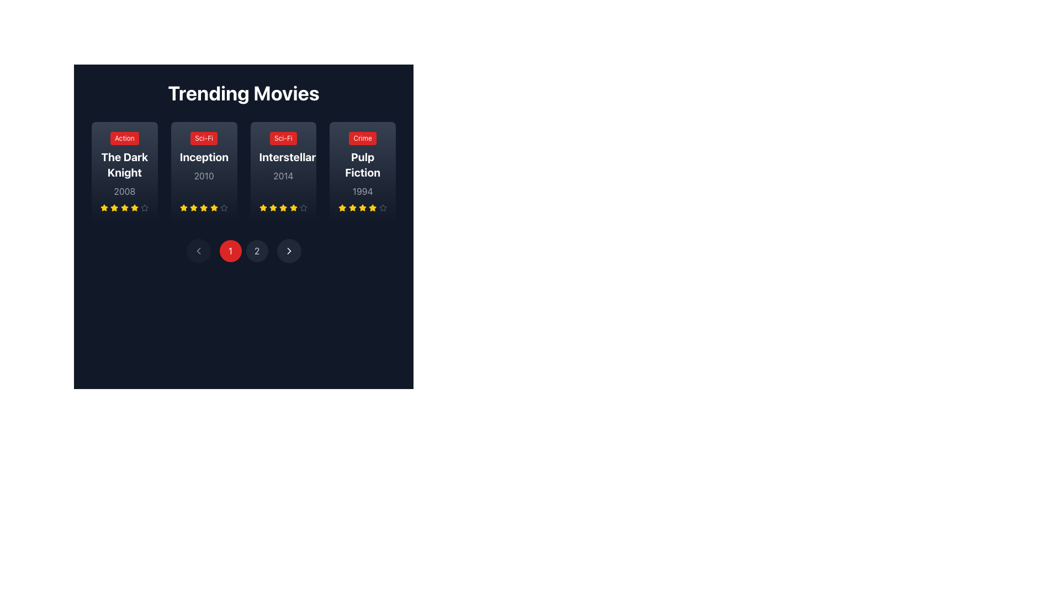 This screenshot has height=596, width=1060. What do you see at coordinates (342, 207) in the screenshot?
I see `the fifth yellow star icon representing the rating level for 'Pulp Fiction'` at bounding box center [342, 207].